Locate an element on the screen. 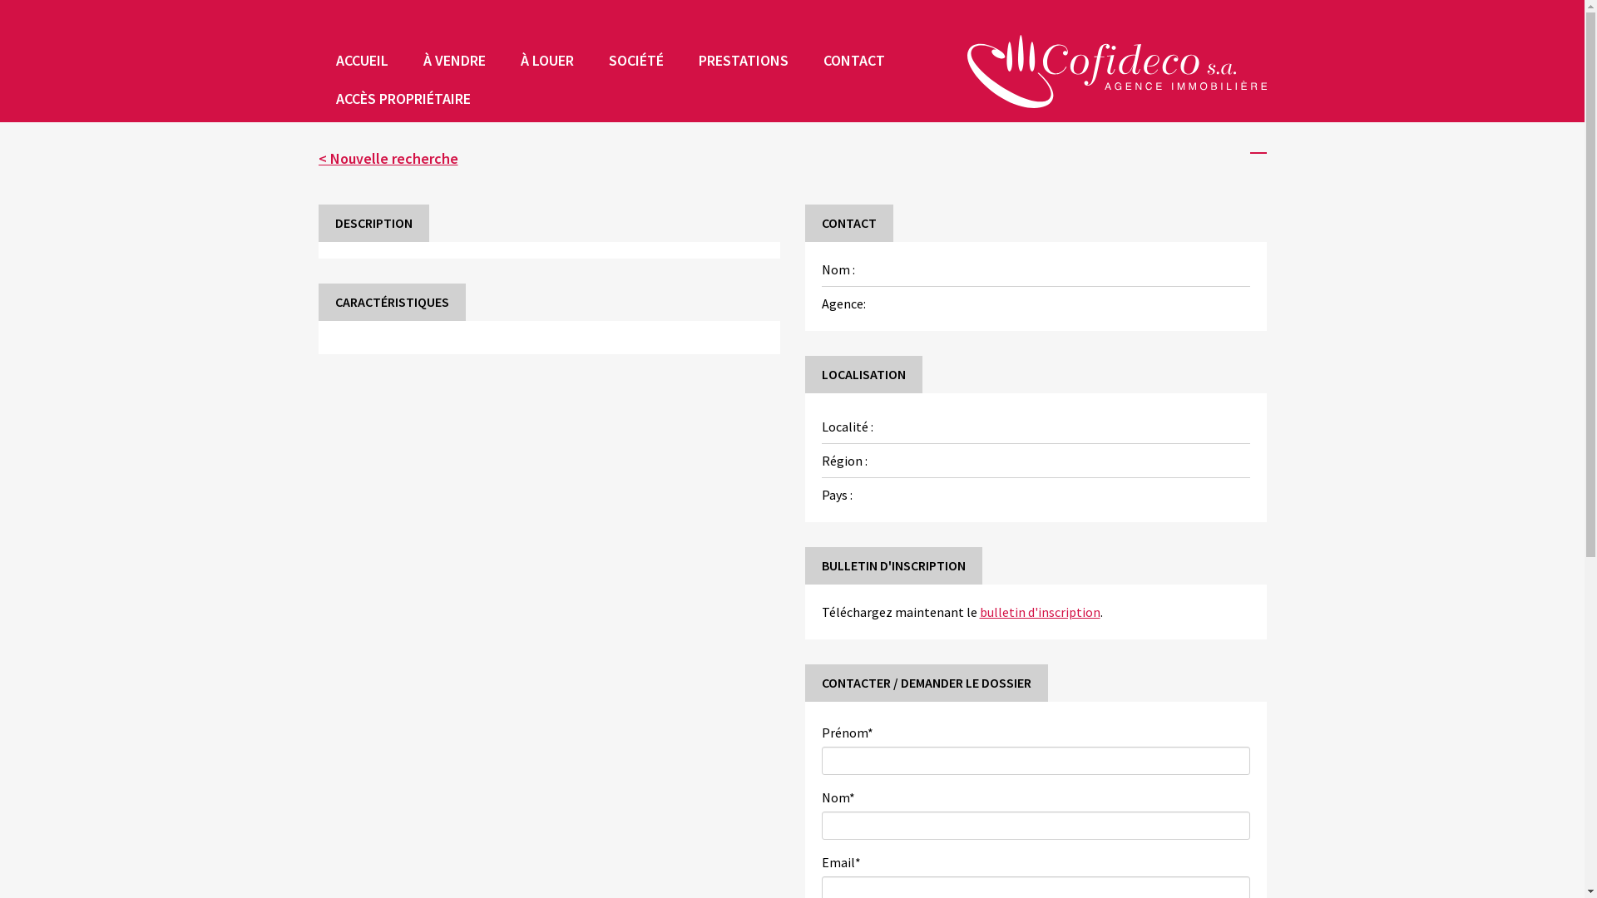 The width and height of the screenshot is (1597, 898). 'PRESTATIONS' is located at coordinates (741, 60).